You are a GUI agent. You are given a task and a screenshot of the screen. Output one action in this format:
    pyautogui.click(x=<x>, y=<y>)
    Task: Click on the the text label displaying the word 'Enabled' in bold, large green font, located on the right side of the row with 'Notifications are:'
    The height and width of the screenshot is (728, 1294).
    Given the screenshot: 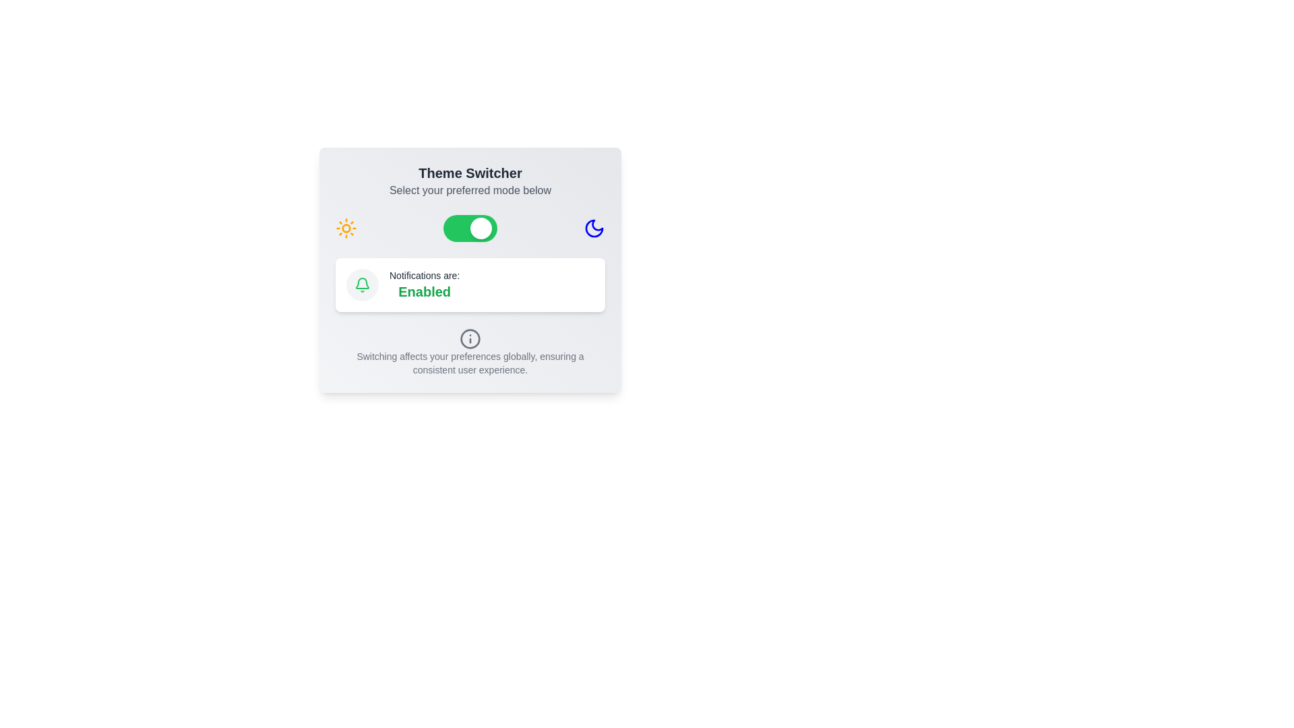 What is the action you would take?
    pyautogui.click(x=424, y=291)
    